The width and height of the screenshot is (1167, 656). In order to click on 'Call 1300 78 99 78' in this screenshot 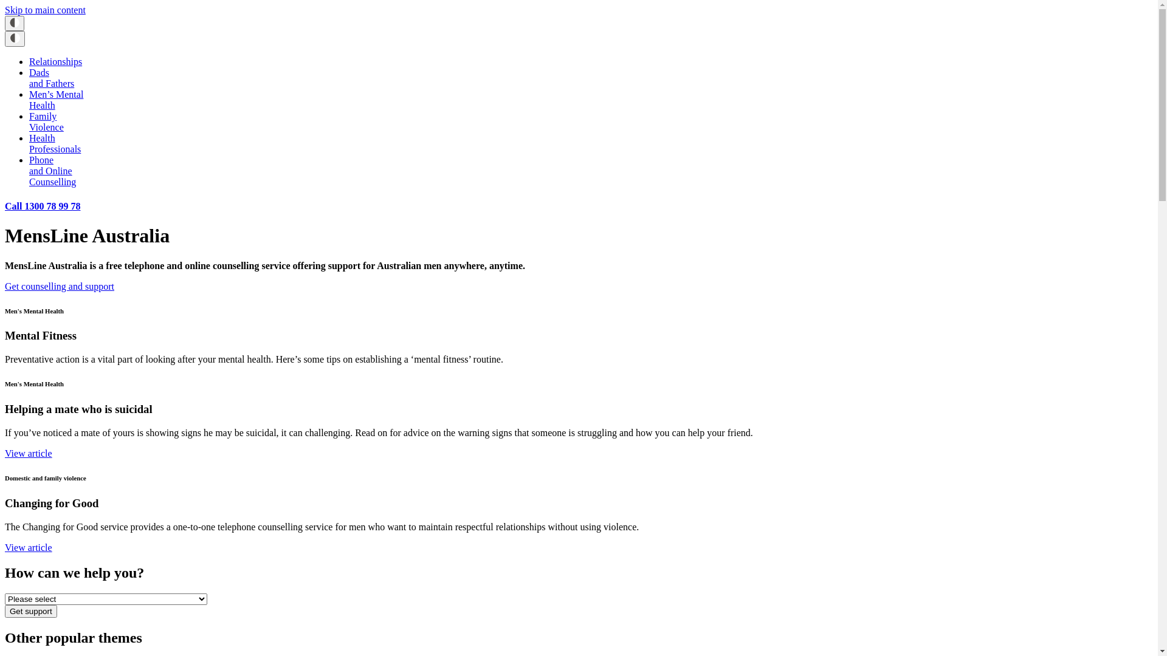, I will do `click(43, 205)`.